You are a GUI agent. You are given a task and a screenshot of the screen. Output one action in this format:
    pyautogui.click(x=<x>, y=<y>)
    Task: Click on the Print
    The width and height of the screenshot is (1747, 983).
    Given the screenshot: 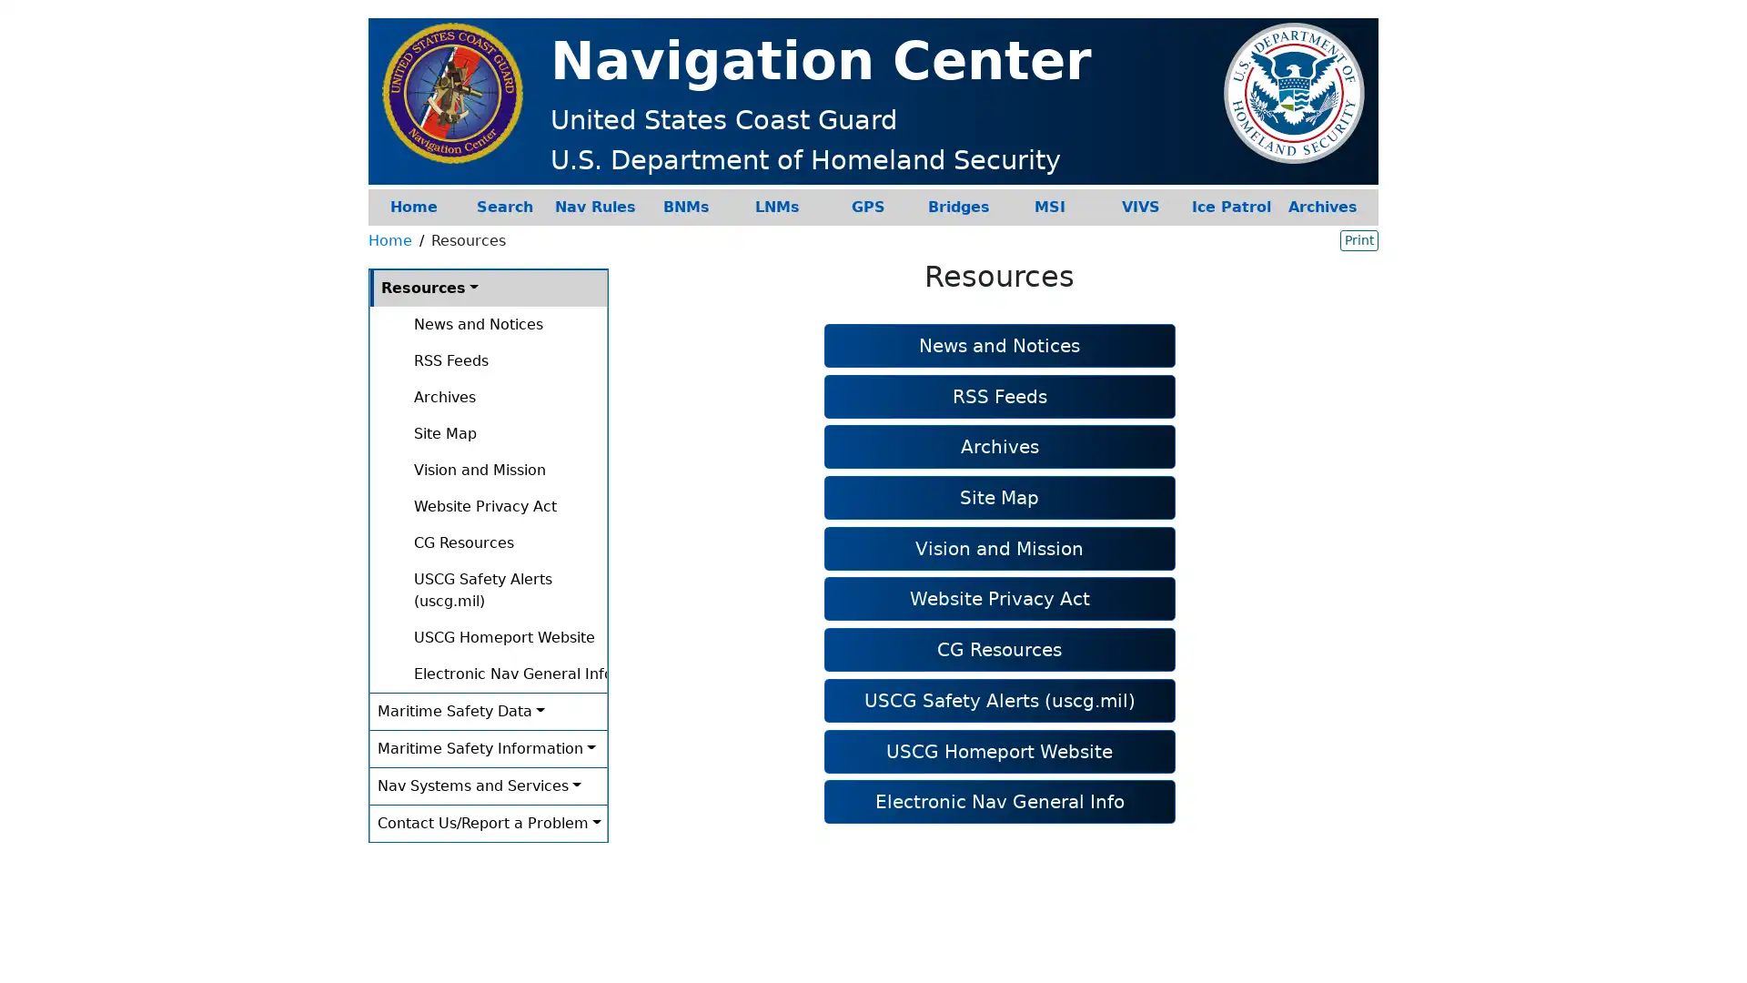 What is the action you would take?
    pyautogui.click(x=1358, y=238)
    